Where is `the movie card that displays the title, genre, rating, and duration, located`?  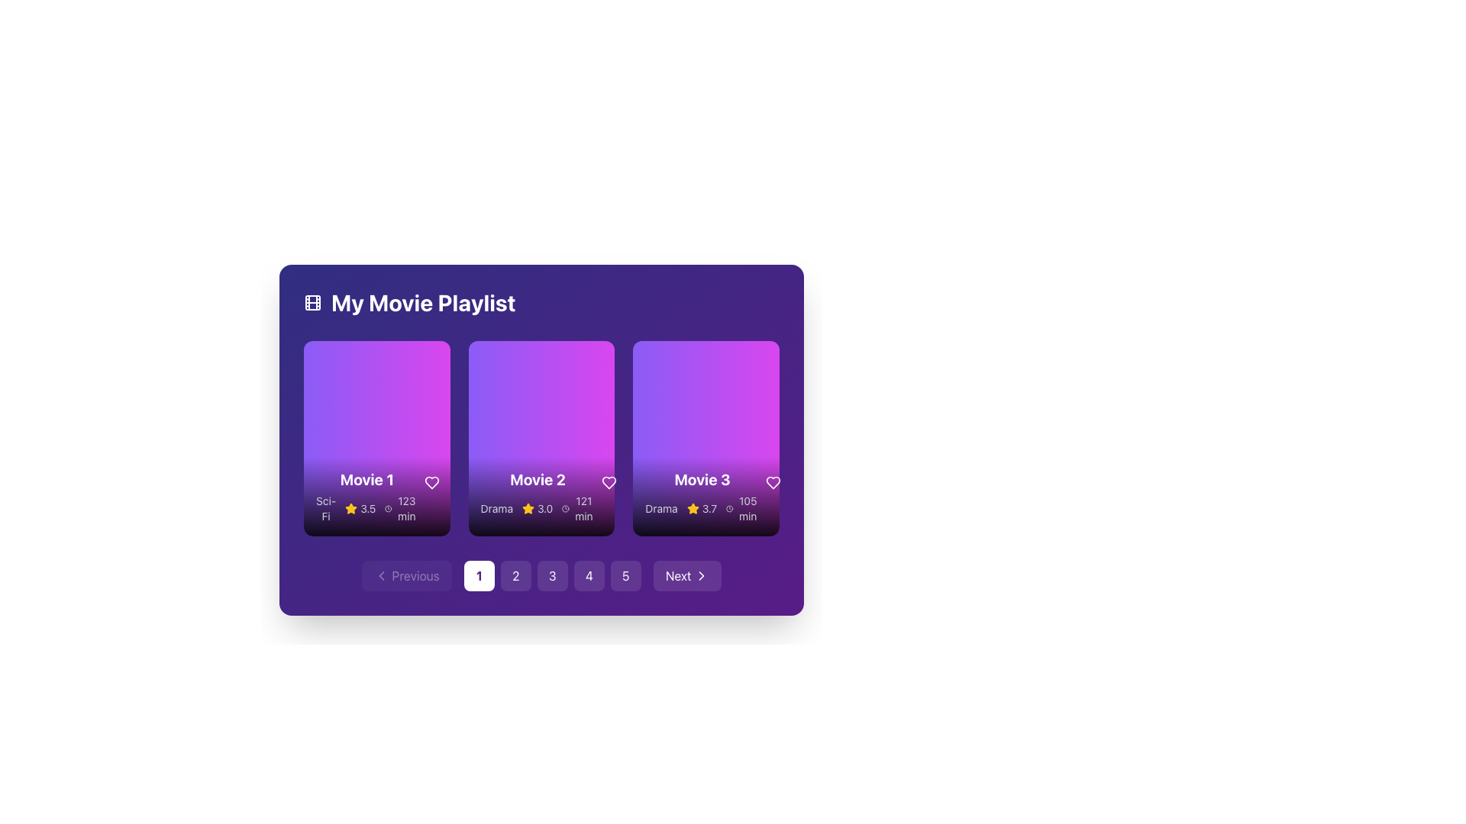 the movie card that displays the title, genre, rating, and duration, located is located at coordinates (541, 440).